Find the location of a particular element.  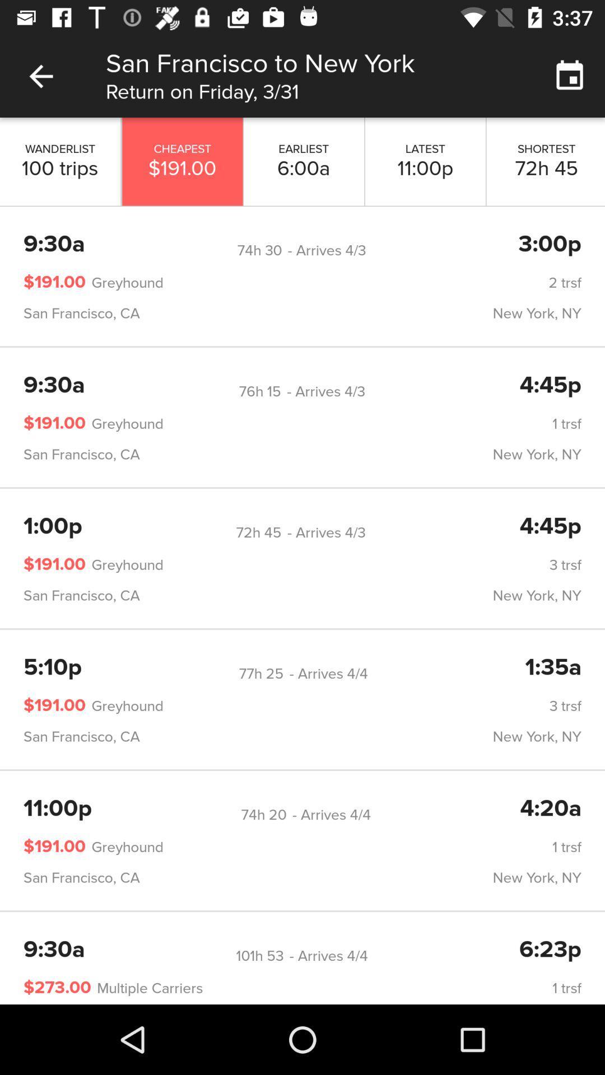

the icon to the left of the san francisco to icon is located at coordinates (40, 76).